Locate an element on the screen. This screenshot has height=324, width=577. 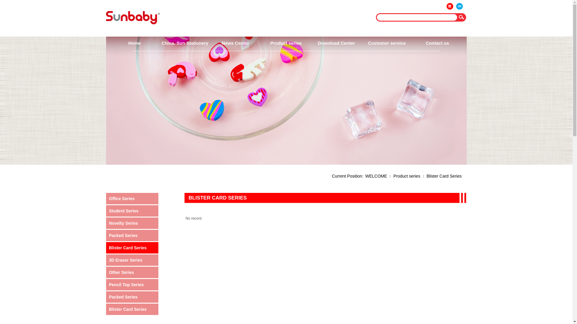
'Packed Series' is located at coordinates (108, 297).